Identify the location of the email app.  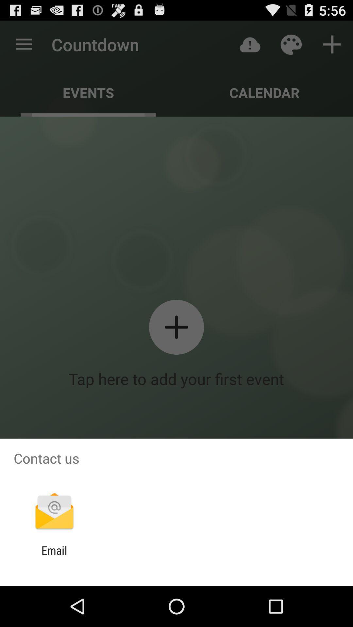
(54, 557).